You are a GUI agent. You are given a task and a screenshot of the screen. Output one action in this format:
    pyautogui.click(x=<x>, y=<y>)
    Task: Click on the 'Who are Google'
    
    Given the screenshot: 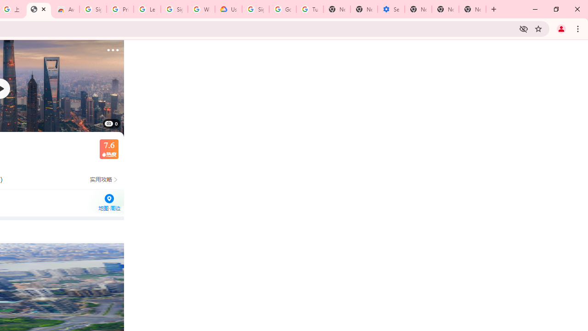 What is the action you would take?
    pyautogui.click(x=201, y=9)
    